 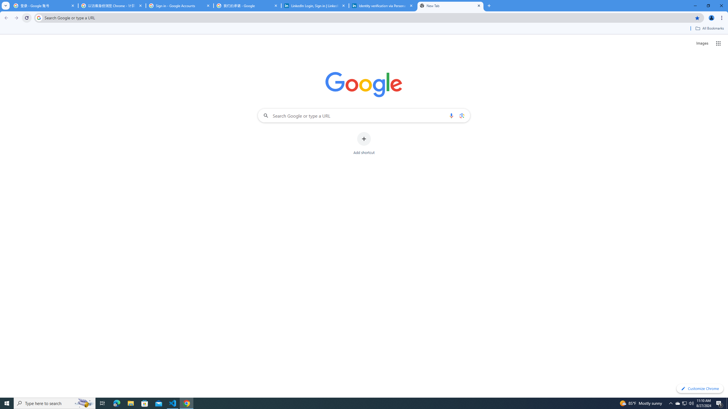 I want to click on 'LinkedIn Login, Sign in | LinkedIn', so click(x=315, y=5).